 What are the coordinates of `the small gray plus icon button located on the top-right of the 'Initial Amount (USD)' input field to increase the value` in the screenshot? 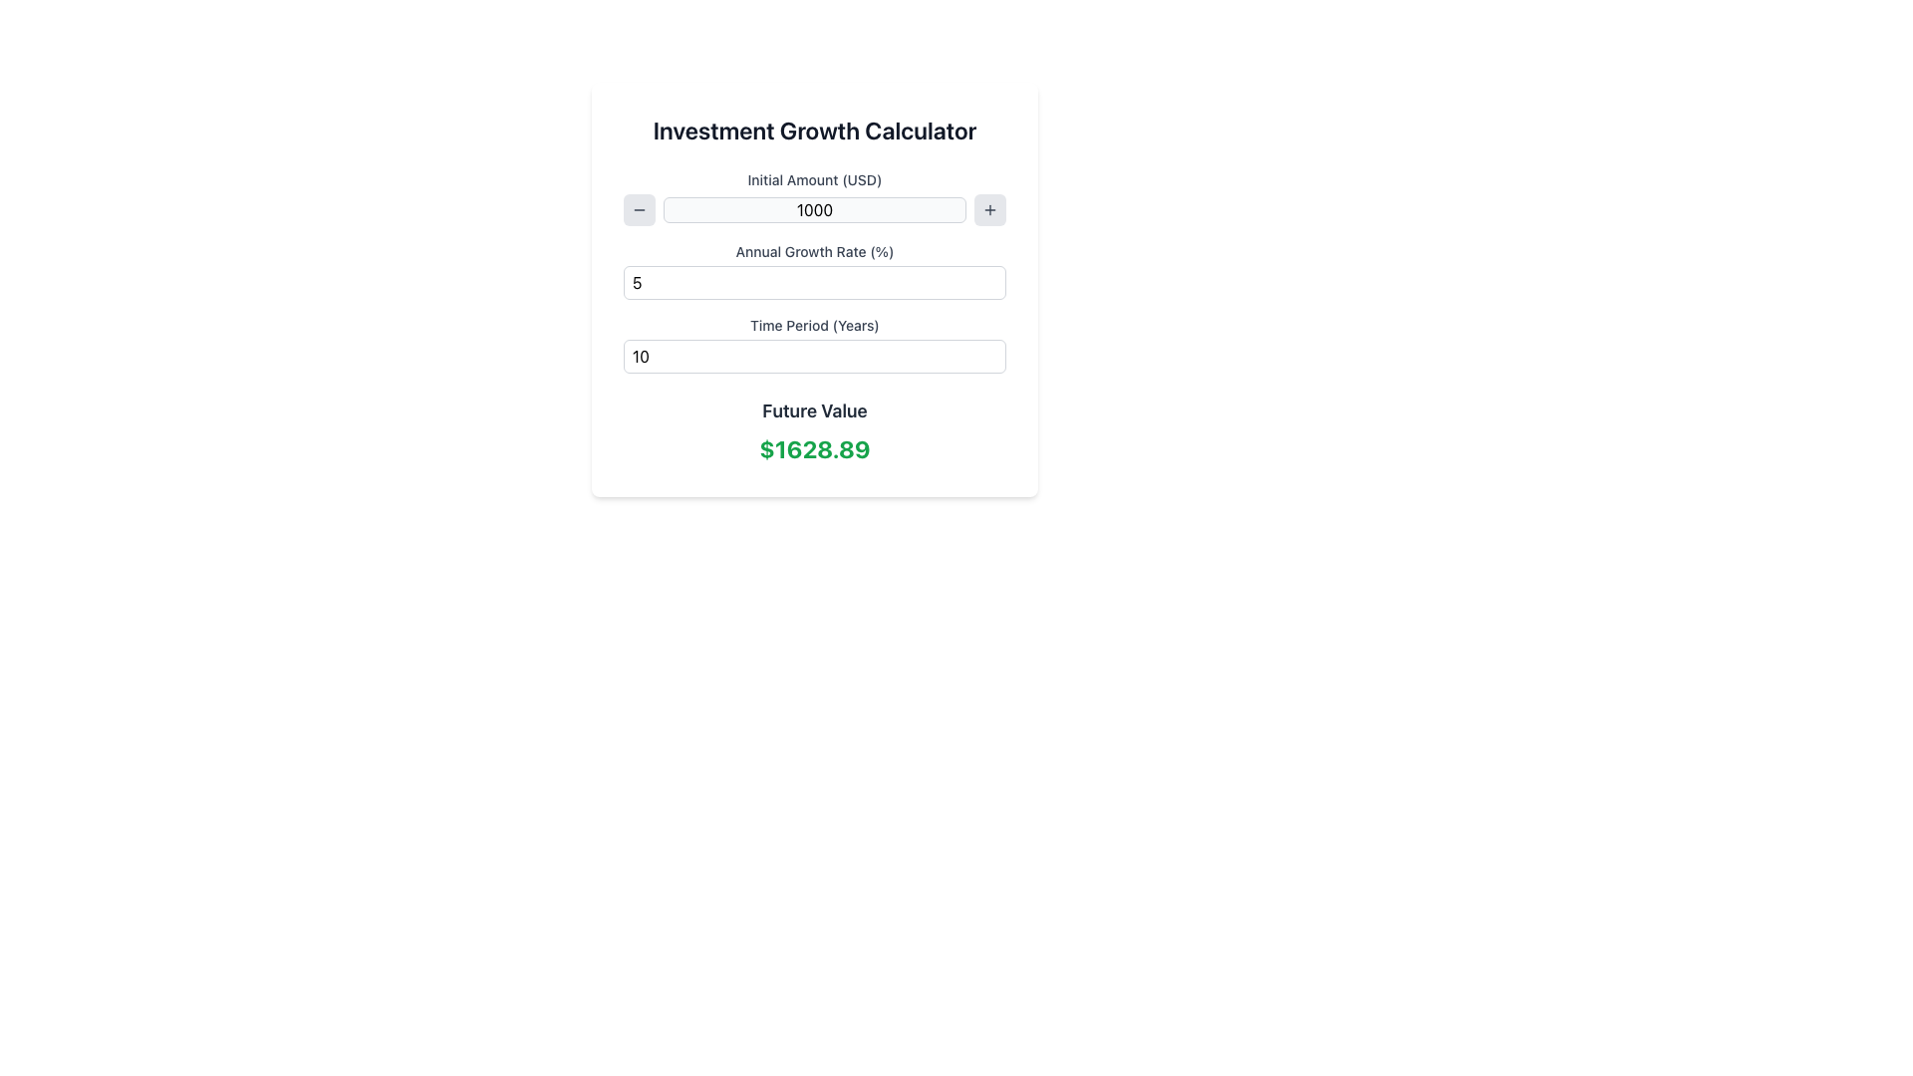 It's located at (989, 210).